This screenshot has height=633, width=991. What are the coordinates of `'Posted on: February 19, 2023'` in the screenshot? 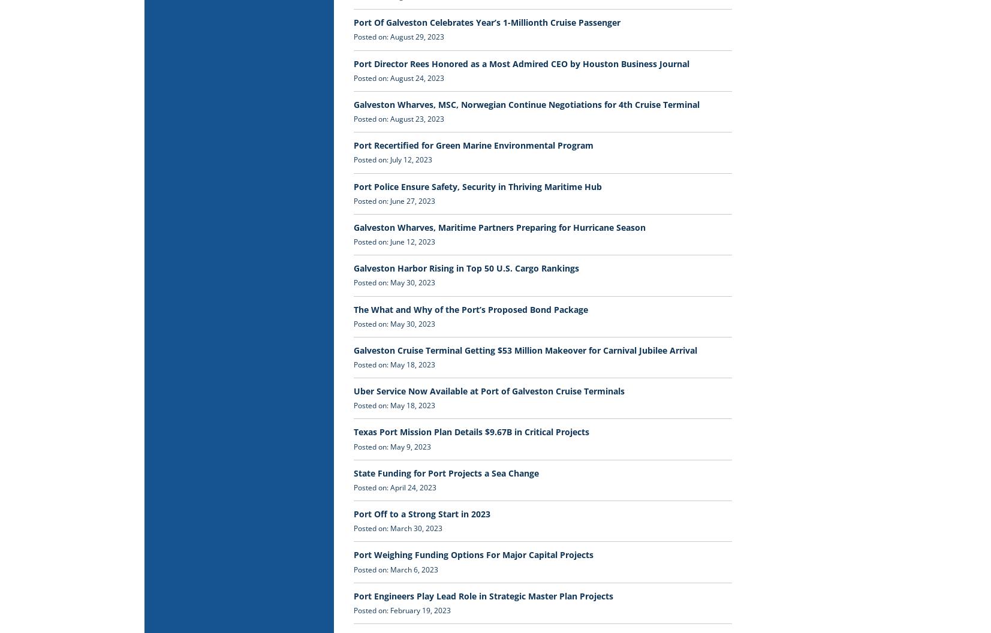 It's located at (401, 609).